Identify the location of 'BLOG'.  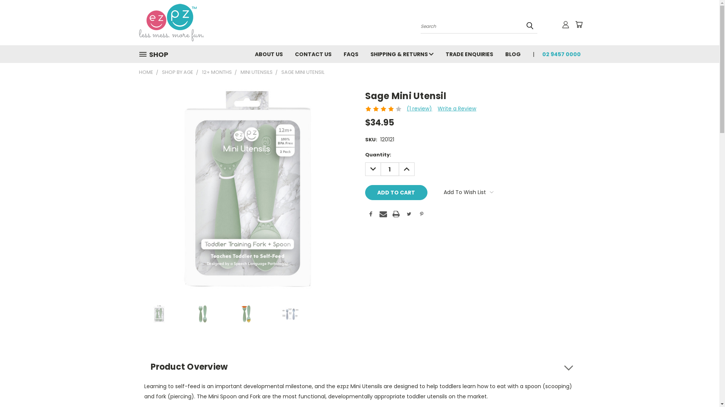
(513, 53).